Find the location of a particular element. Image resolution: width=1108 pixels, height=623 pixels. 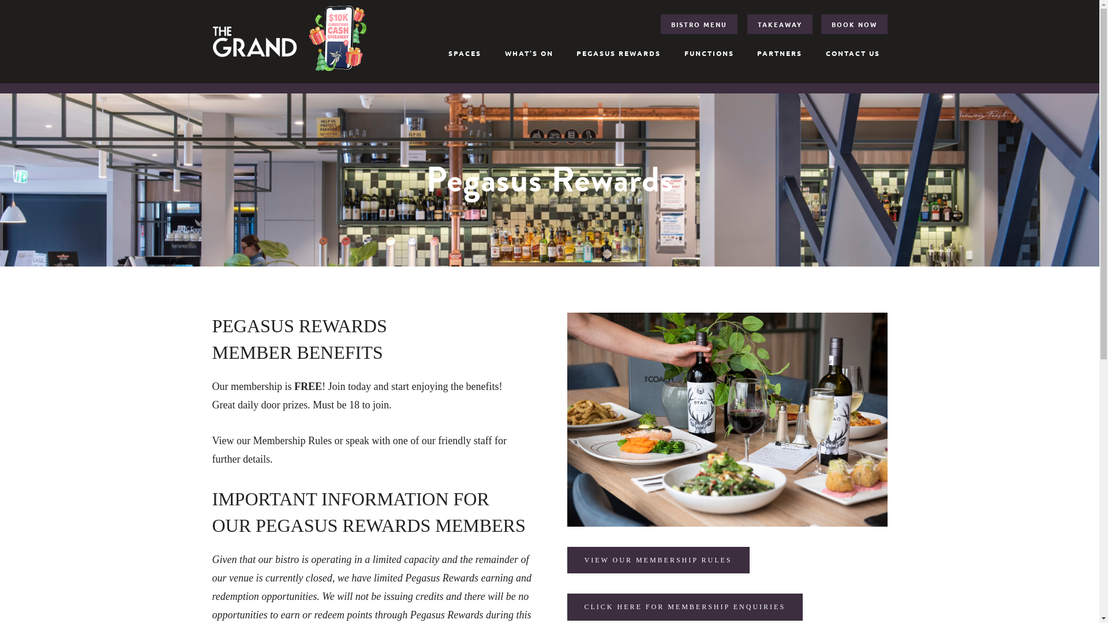

'DSC_4332' is located at coordinates (567, 419).